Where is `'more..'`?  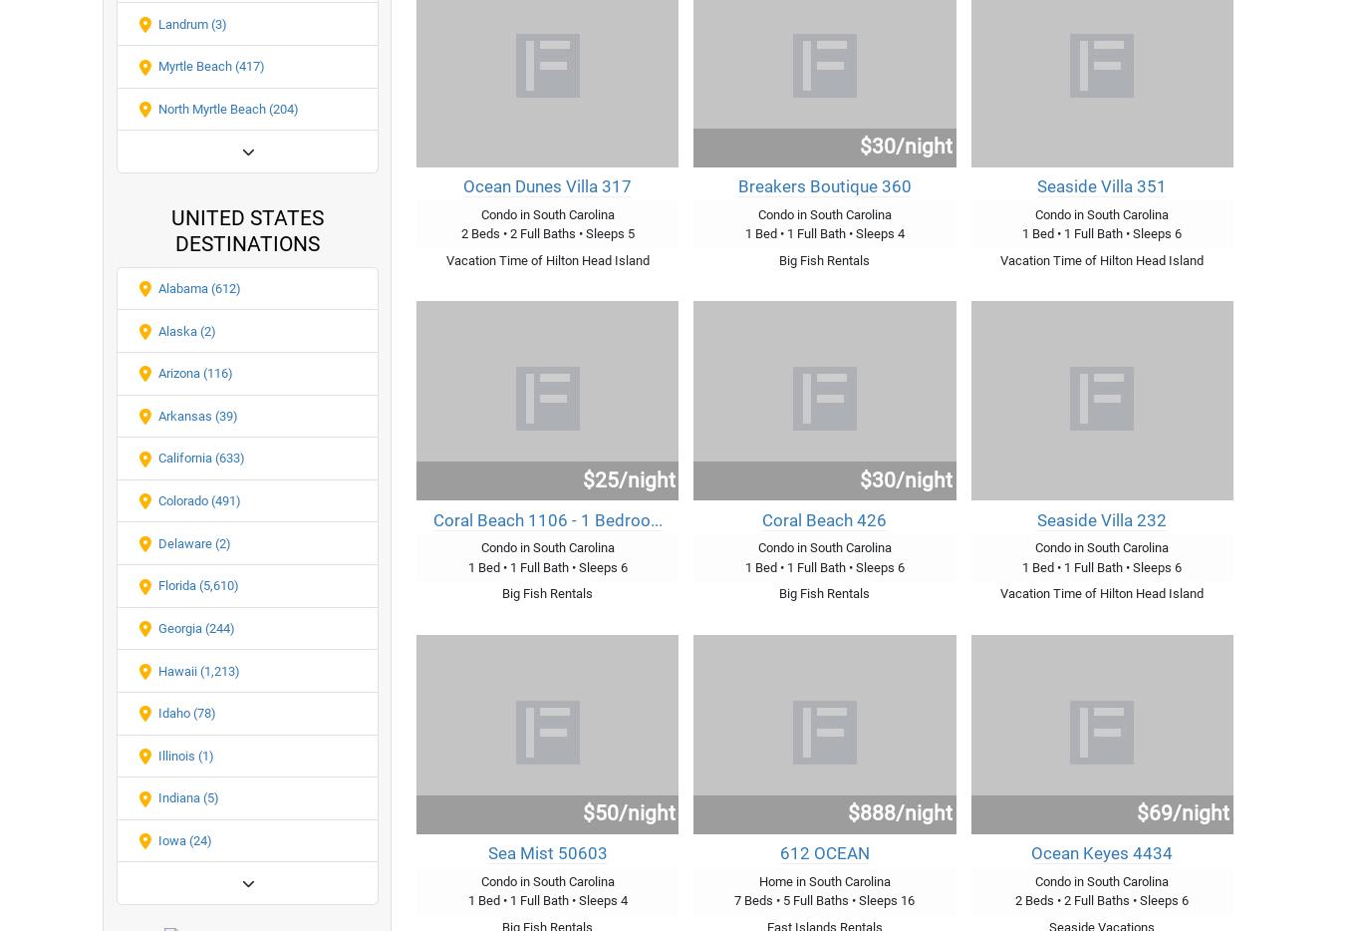 'more..' is located at coordinates (828, 102).